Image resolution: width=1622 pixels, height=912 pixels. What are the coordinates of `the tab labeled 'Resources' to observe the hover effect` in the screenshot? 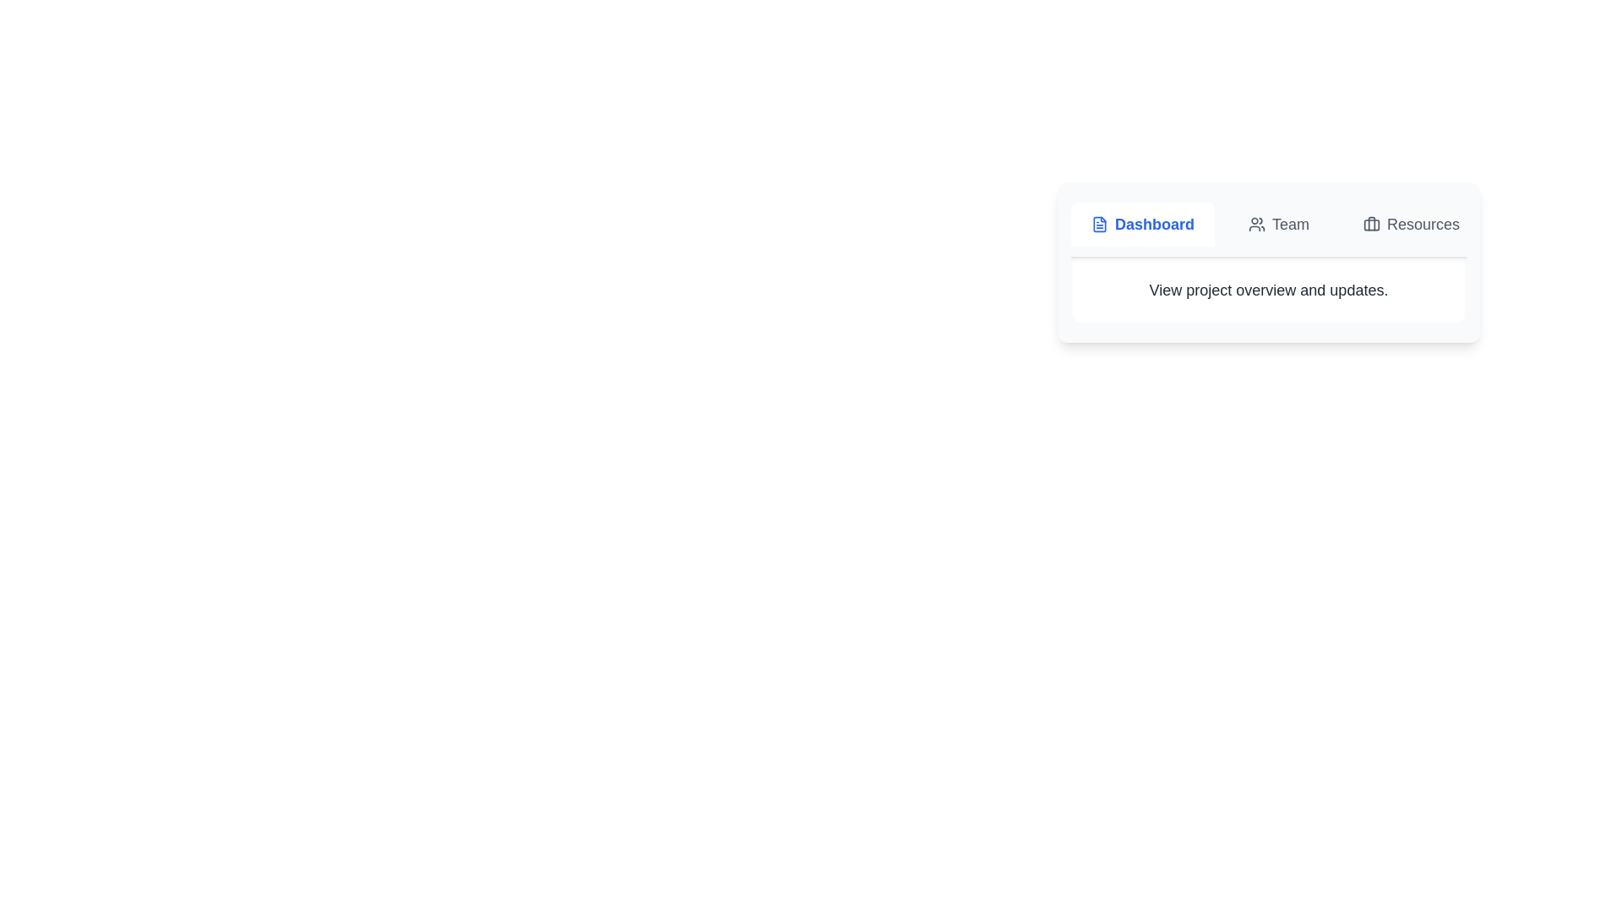 It's located at (1411, 224).